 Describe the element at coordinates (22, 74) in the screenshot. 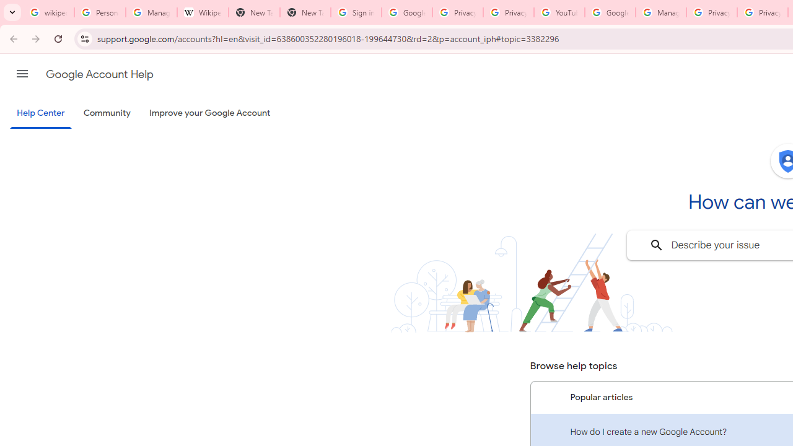

I see `'Main menu'` at that location.